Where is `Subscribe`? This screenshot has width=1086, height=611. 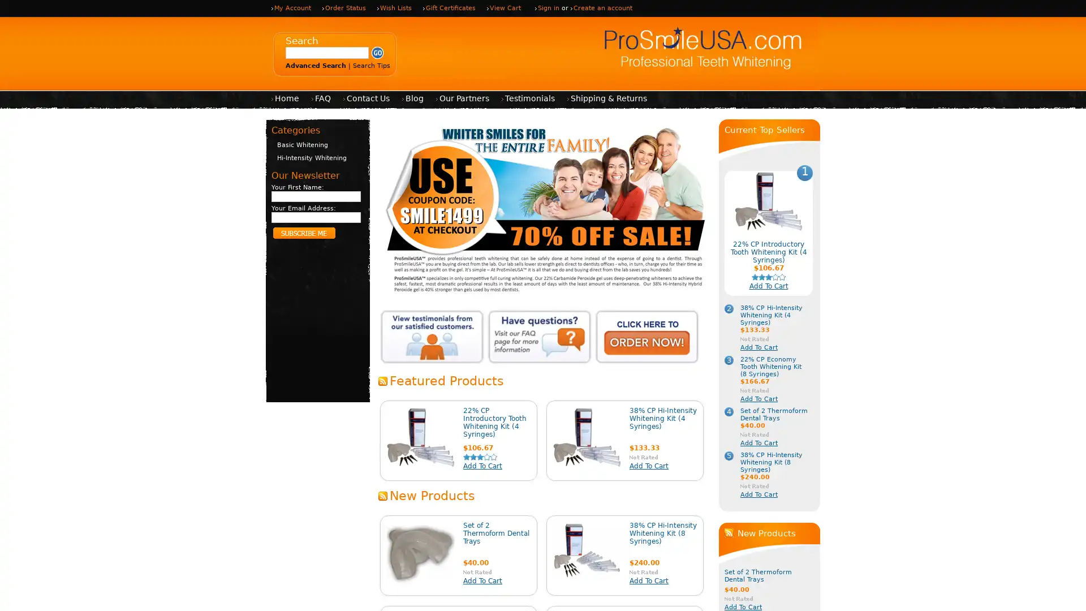 Subscribe is located at coordinates (304, 233).